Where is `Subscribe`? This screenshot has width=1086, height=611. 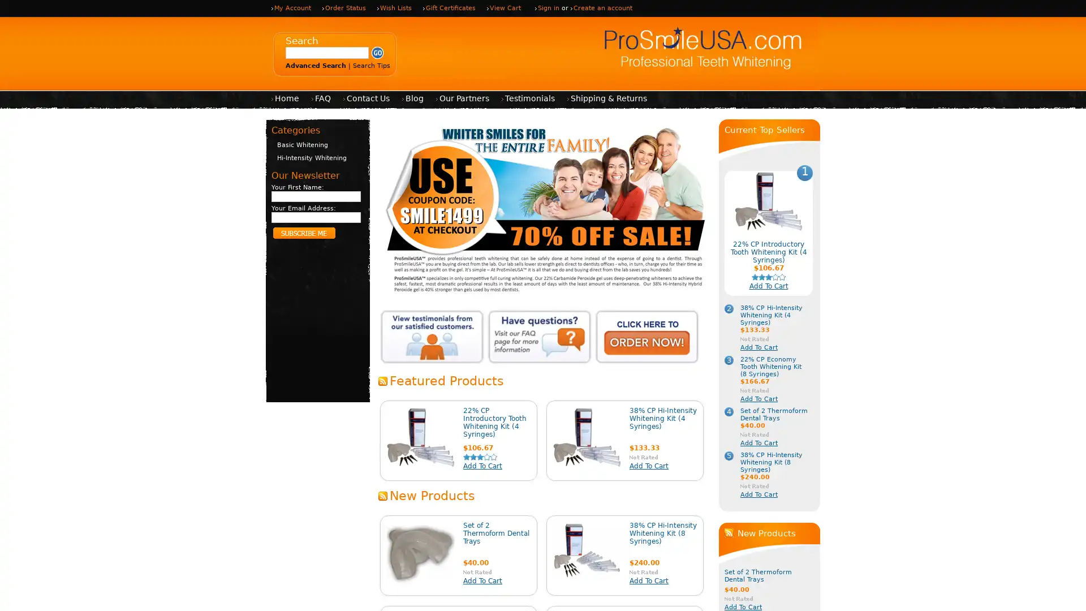 Subscribe is located at coordinates (304, 233).